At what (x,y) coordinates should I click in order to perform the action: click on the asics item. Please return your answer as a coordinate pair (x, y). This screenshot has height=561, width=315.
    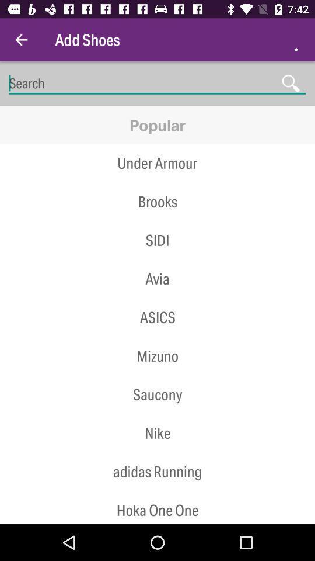
    Looking at the image, I should click on (157, 317).